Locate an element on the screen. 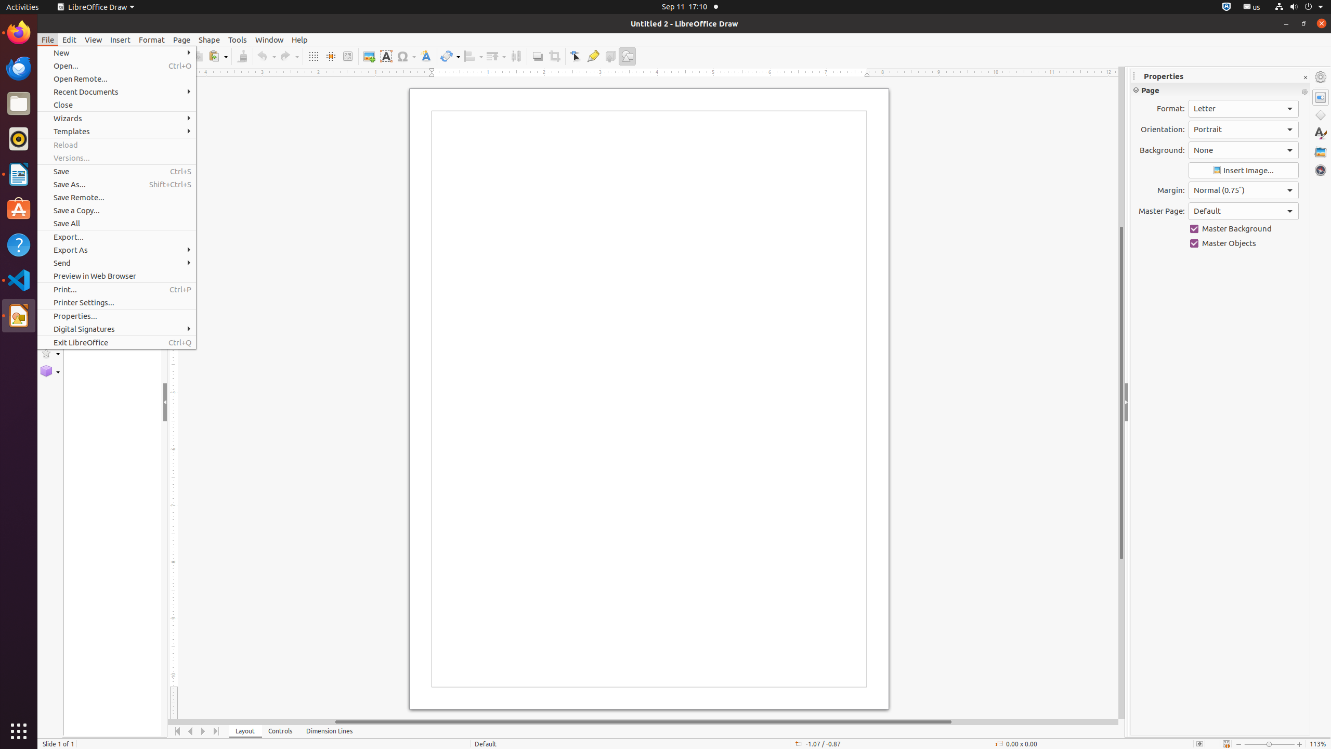  'Versions...' is located at coordinates (116, 157).